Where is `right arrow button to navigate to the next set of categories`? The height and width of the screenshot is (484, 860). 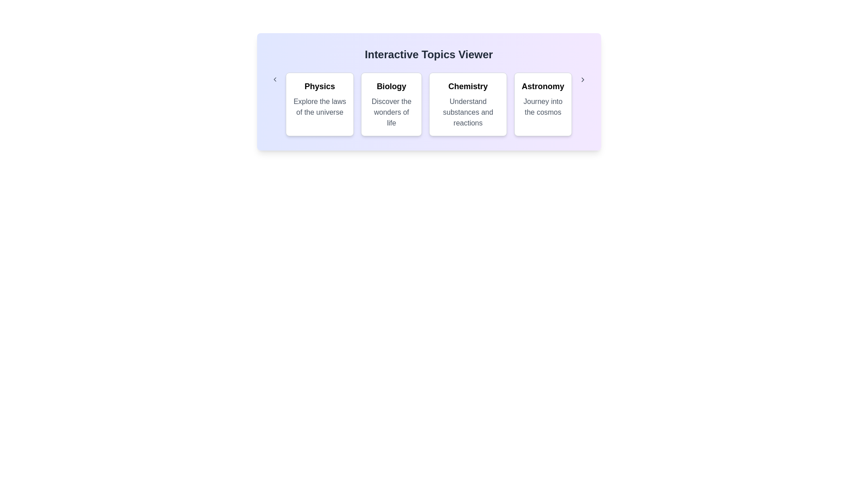 right arrow button to navigate to the next set of categories is located at coordinates (582, 79).